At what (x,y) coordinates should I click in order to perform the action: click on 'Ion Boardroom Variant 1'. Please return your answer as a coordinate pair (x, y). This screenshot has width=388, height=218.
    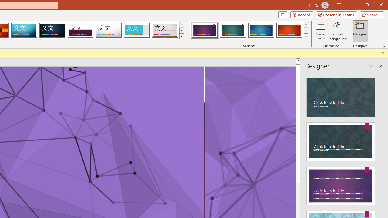
    Looking at the image, I should click on (205, 30).